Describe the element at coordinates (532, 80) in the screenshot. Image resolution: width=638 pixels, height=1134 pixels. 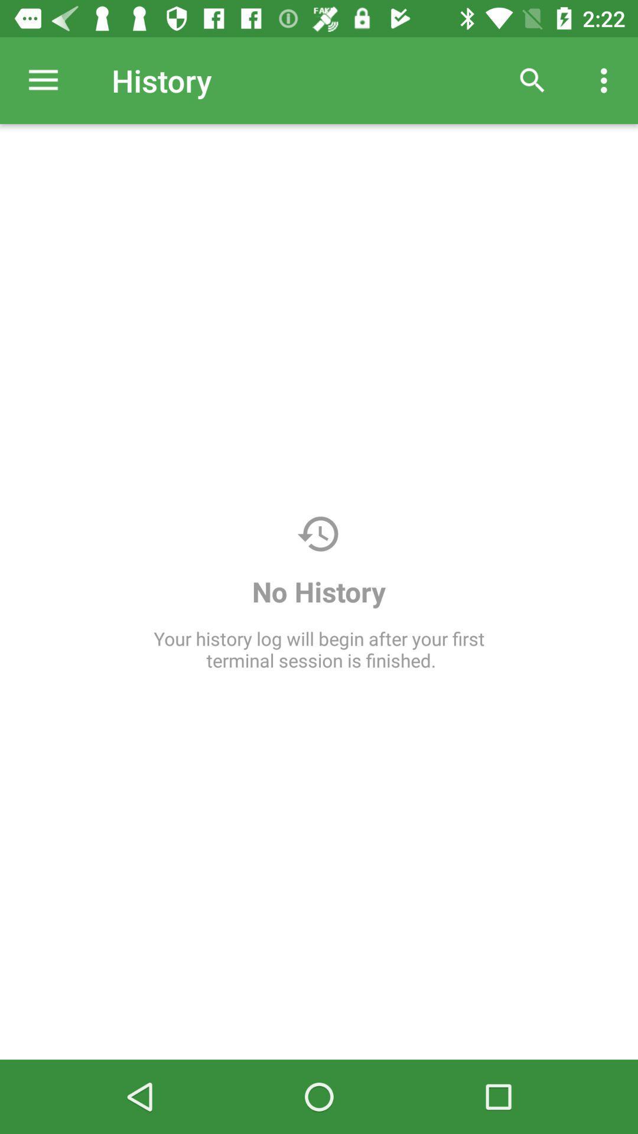
I see `item to the right of the history item` at that location.